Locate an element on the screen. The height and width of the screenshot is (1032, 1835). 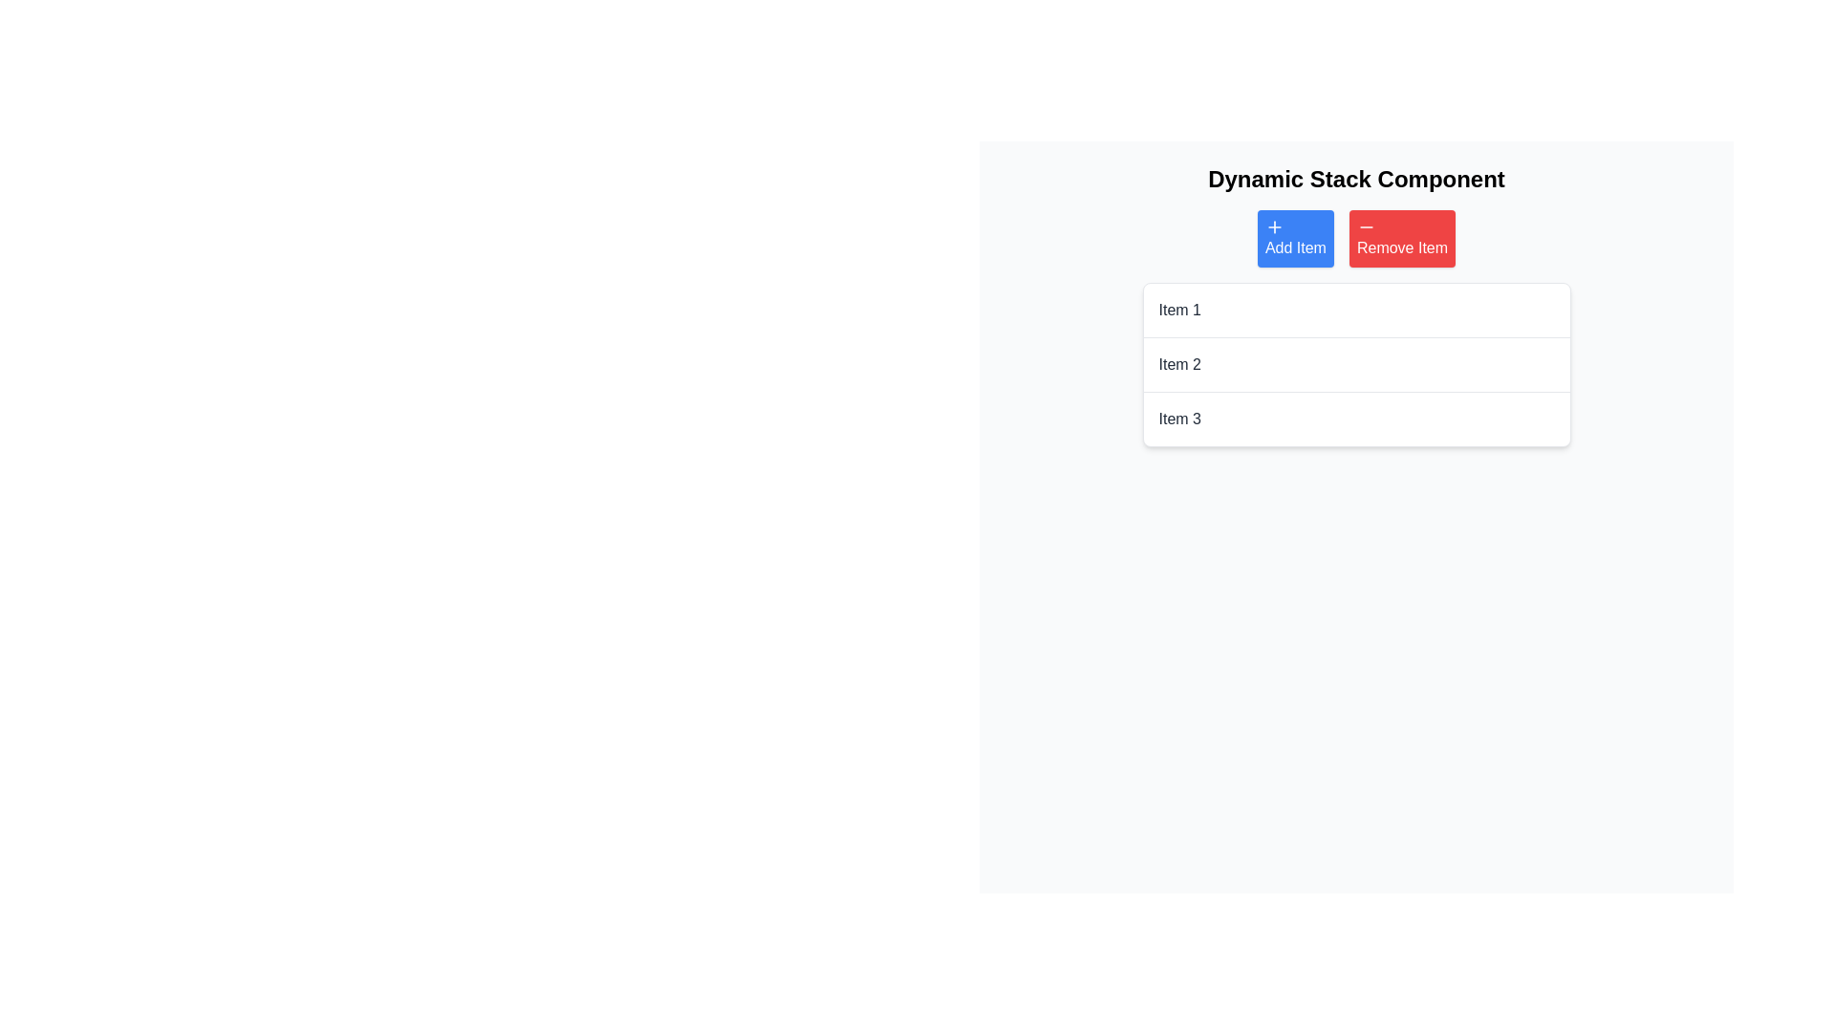
text content of the heading that displays 'Dynamic Stack Component', which is a bold and large black text positioned prominently at the top of the layout is located at coordinates (1355, 180).